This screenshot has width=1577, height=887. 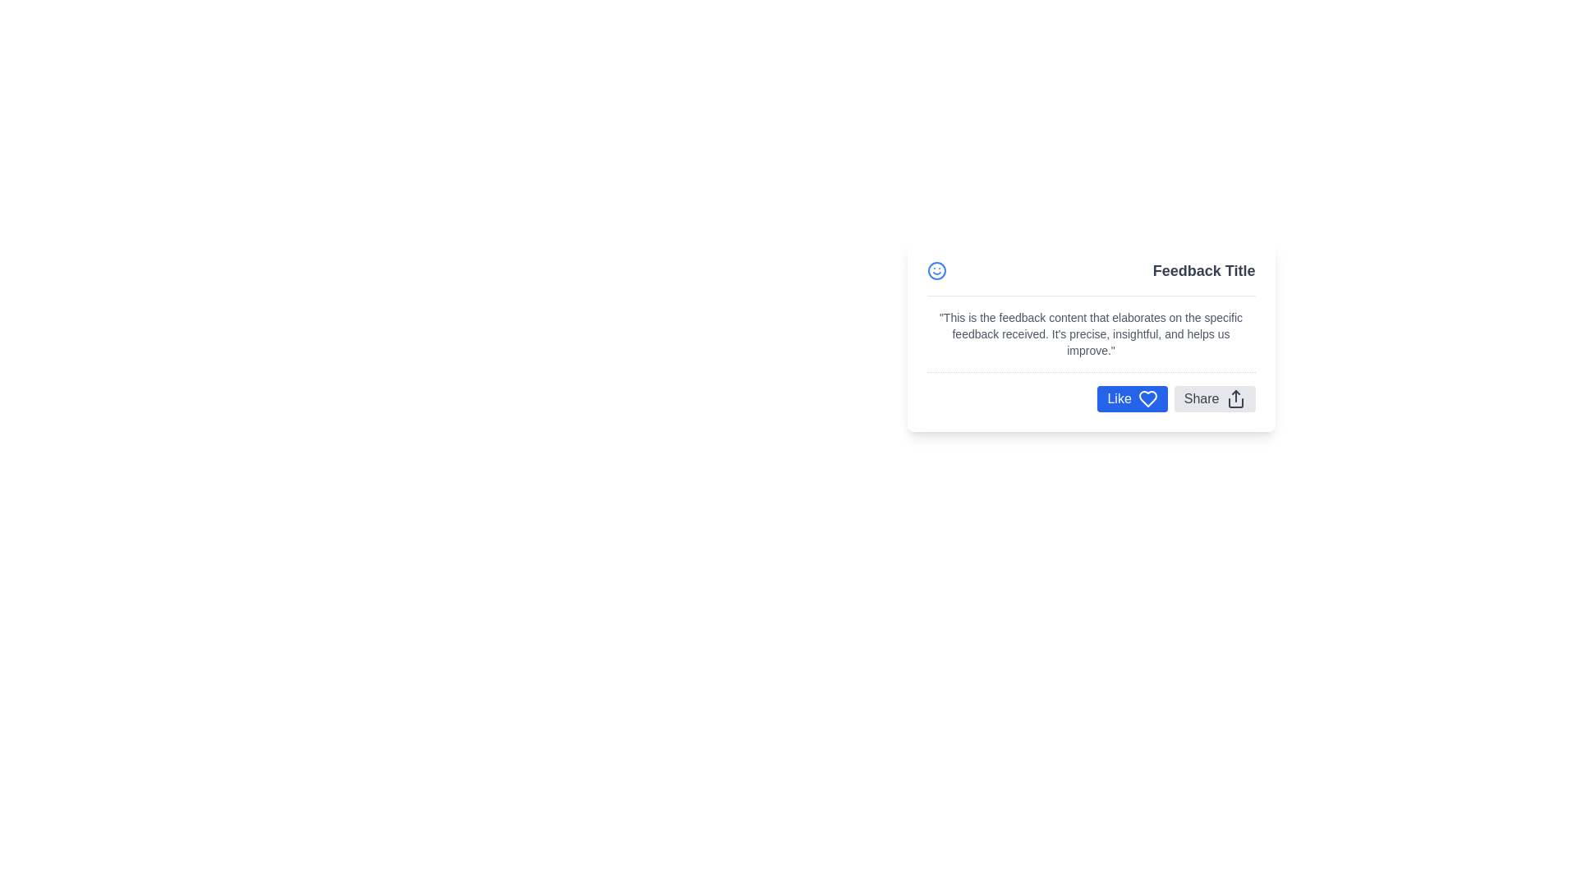 I want to click on the 'Like' button, which is part of a horizontal layout at the bottom of the feedback card, featuring a blue background and a heart icon, to express a positive response, so click(x=1091, y=399).